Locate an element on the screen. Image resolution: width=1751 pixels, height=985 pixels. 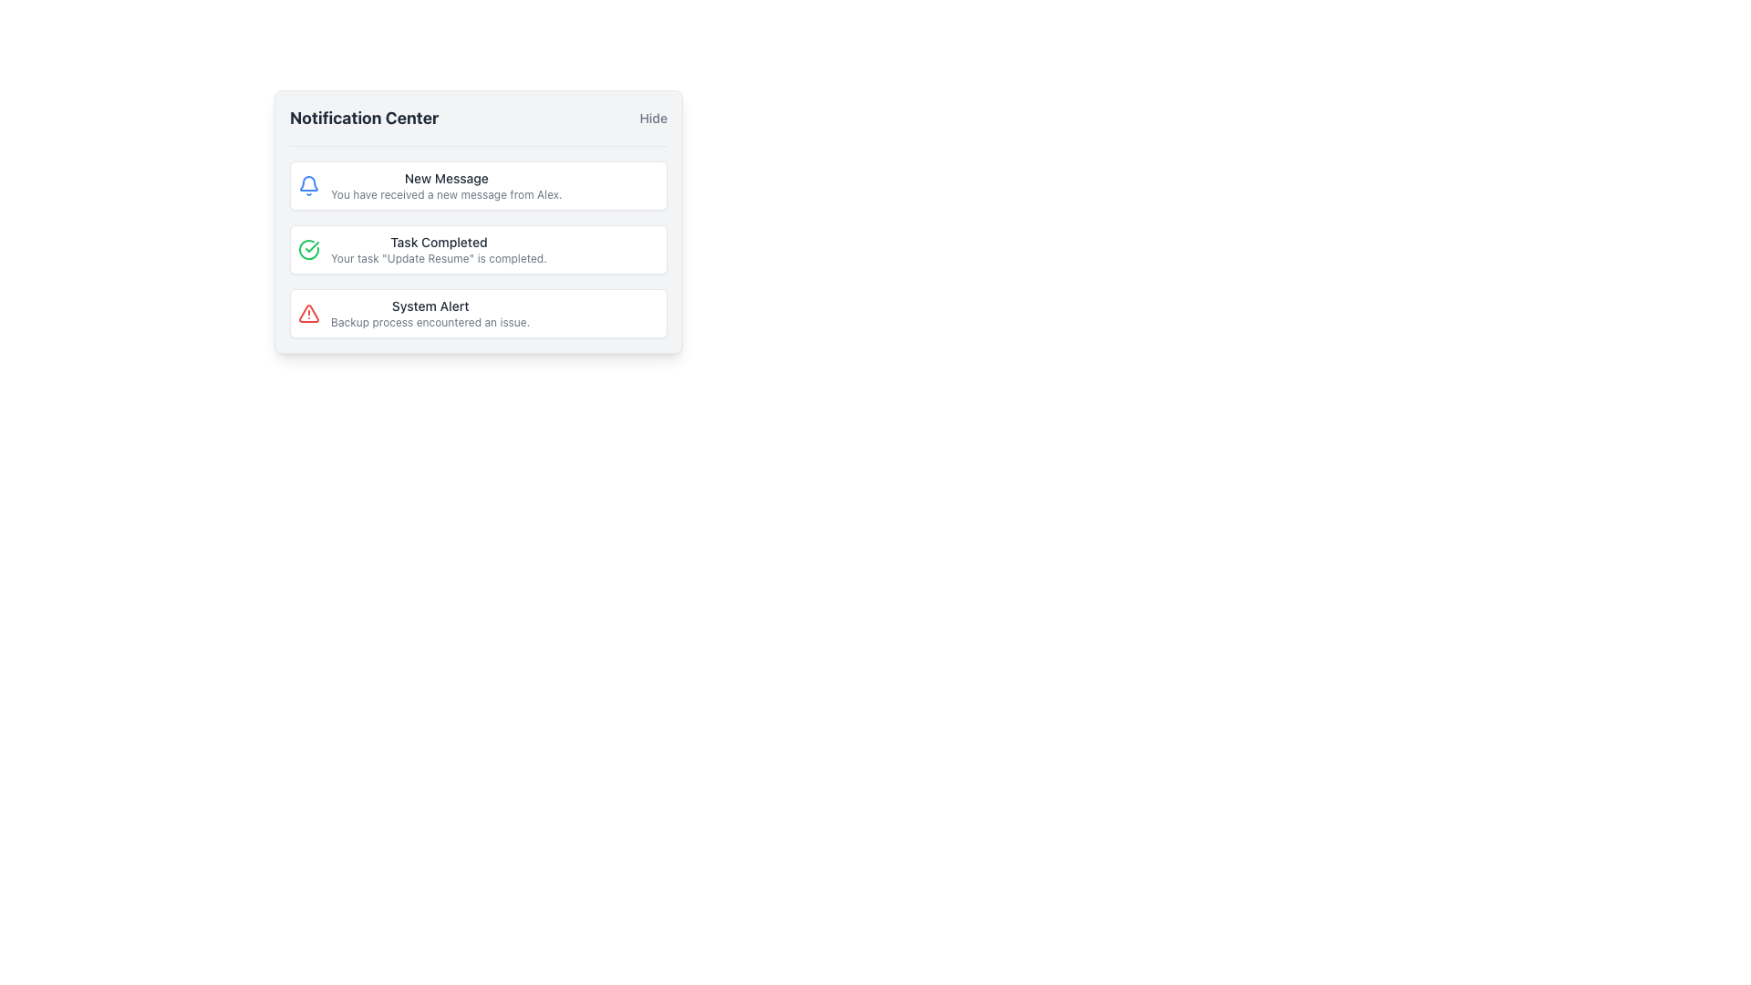
the text element styled with a smaller font size and gray color that reads 'You have received a new message from Alex.', located below the bold heading 'New Message' within the first notification item is located at coordinates (446, 194).